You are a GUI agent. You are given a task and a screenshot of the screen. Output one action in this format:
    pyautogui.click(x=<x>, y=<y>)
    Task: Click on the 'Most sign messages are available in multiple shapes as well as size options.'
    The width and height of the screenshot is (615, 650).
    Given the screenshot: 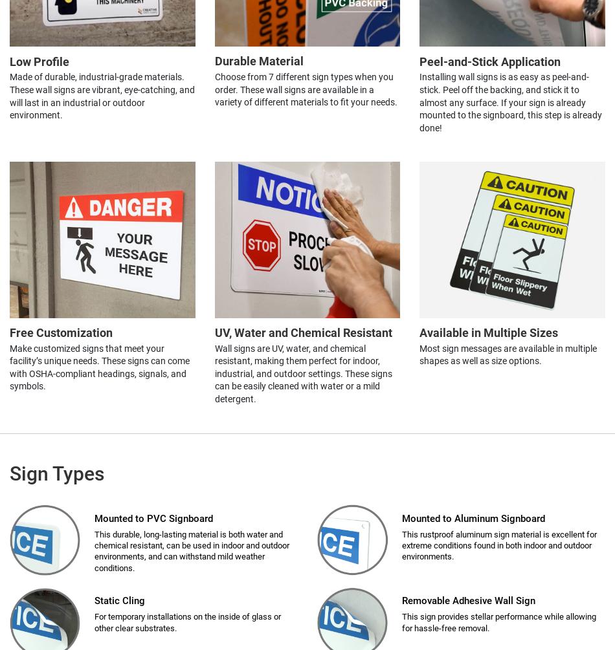 What is the action you would take?
    pyautogui.click(x=507, y=354)
    